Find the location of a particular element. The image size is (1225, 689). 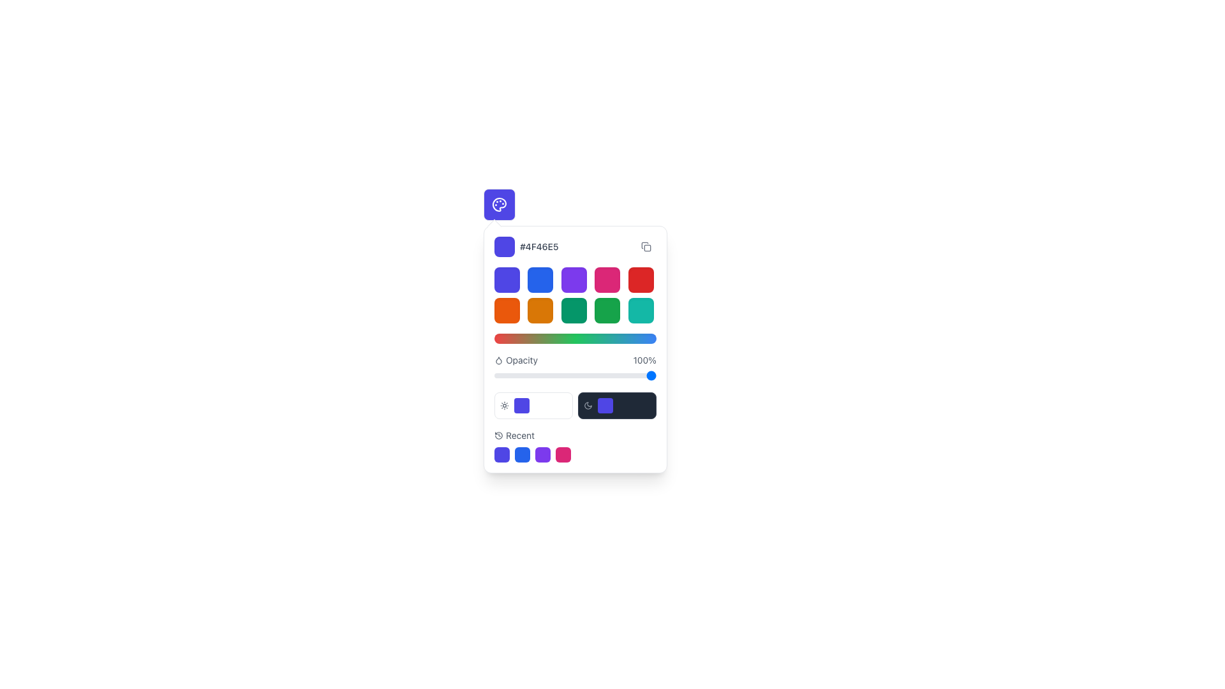

the vibrant pink square button with rounded corners is located at coordinates (607, 279).